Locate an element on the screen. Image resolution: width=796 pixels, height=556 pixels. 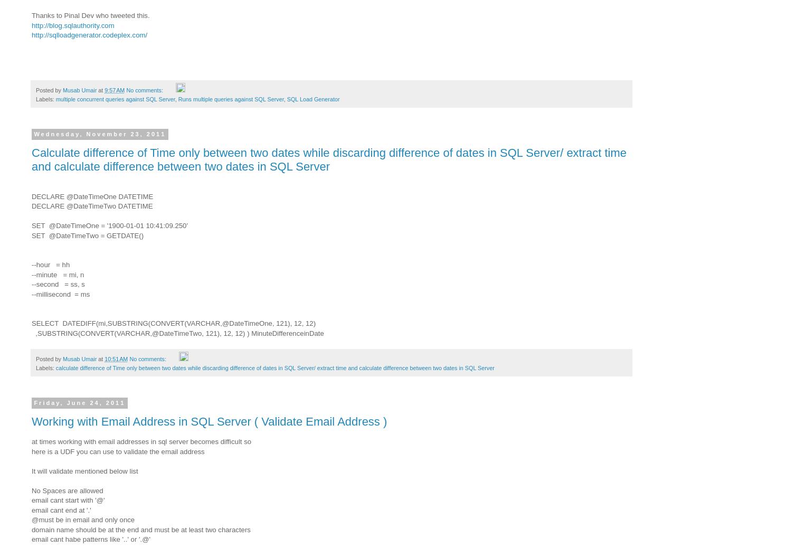
'@DateTimeOne = '1900-01-01 10:41:09.250'' is located at coordinates (117, 225).